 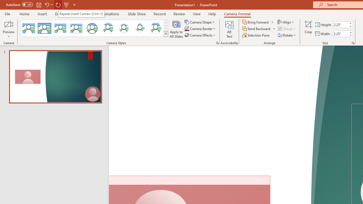 I want to click on 'AutoSave', so click(x=19, y=5).